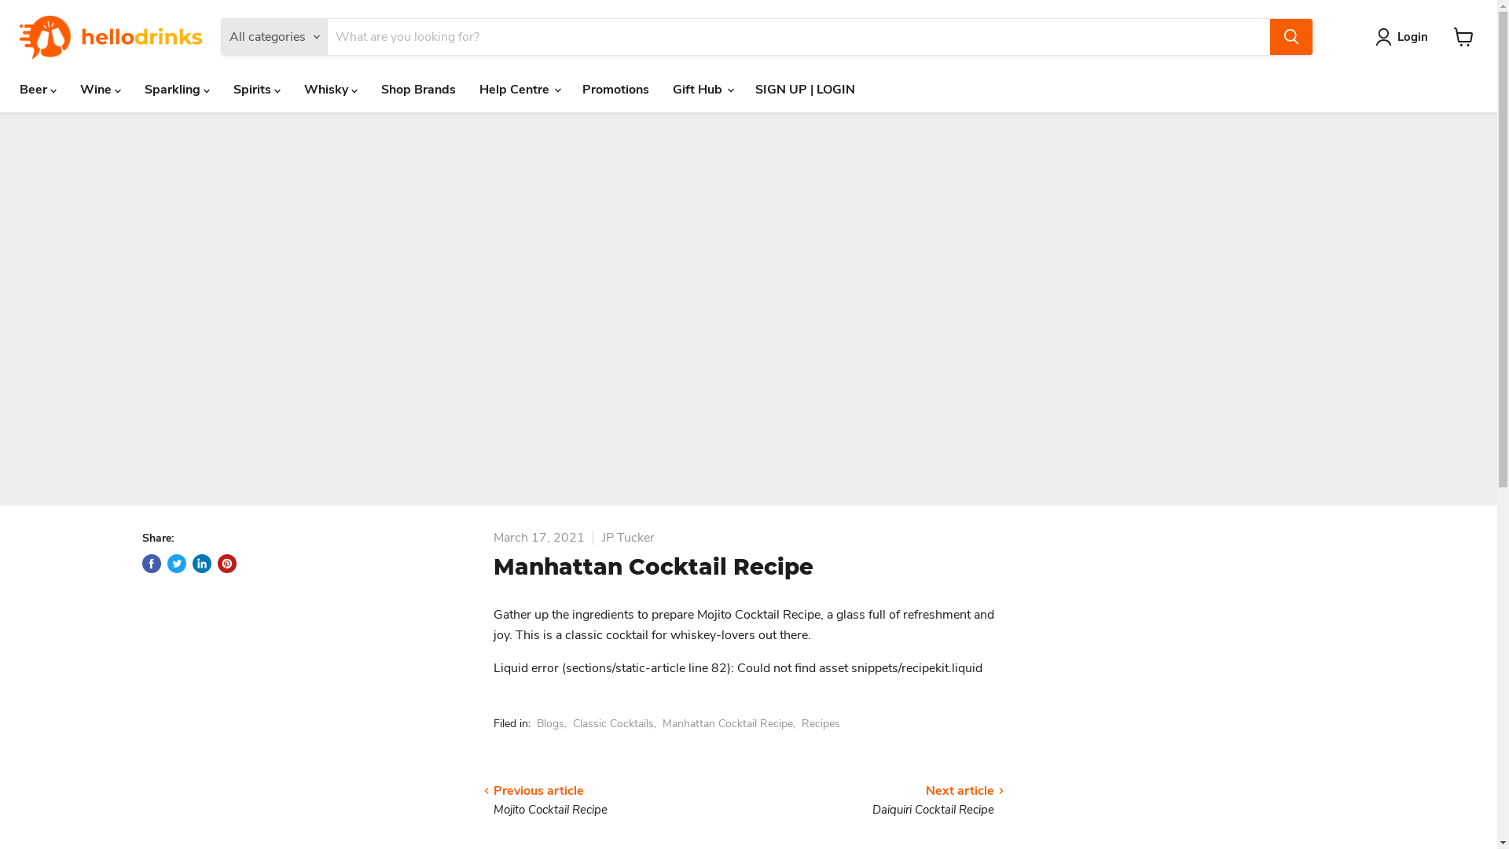 The image size is (1509, 849). What do you see at coordinates (805, 90) in the screenshot?
I see `'SIGN UP | LOGIN'` at bounding box center [805, 90].